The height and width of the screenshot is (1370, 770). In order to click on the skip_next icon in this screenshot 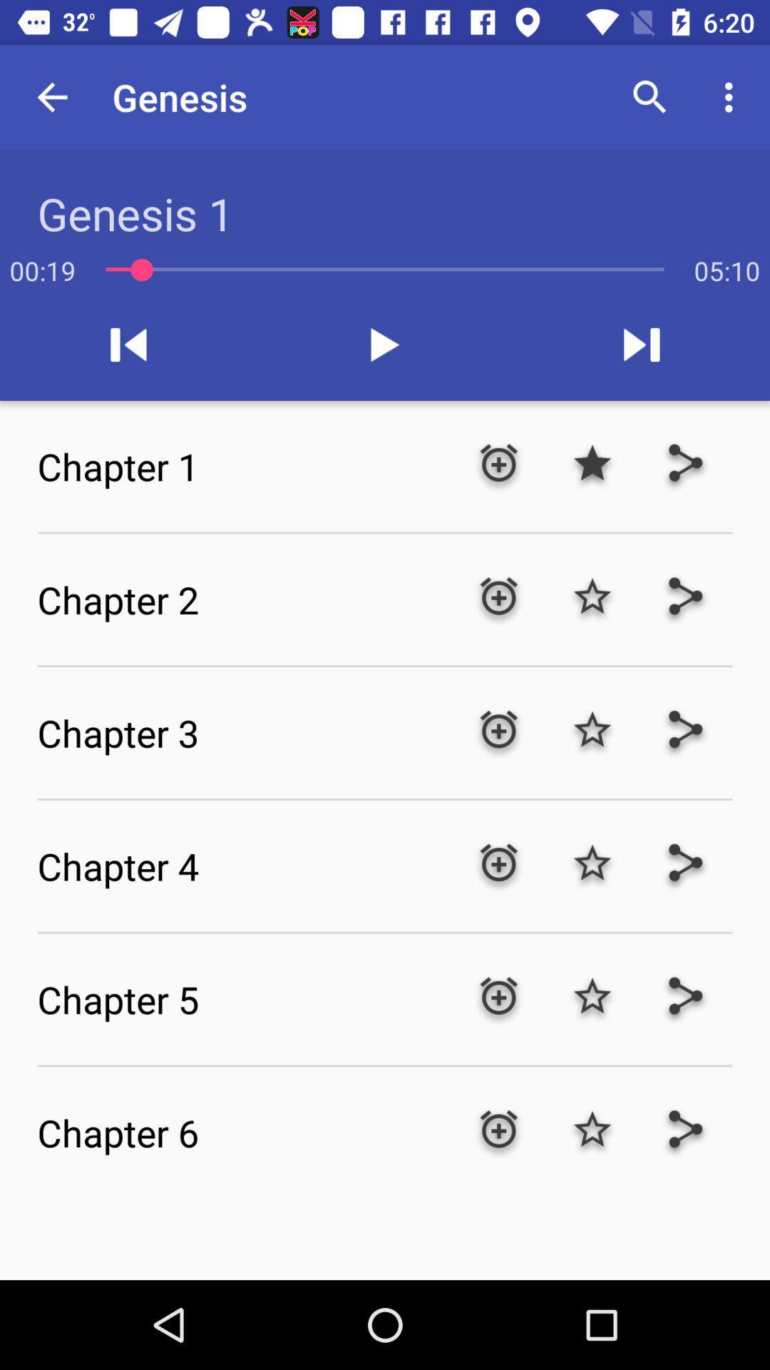, I will do `click(640, 345)`.